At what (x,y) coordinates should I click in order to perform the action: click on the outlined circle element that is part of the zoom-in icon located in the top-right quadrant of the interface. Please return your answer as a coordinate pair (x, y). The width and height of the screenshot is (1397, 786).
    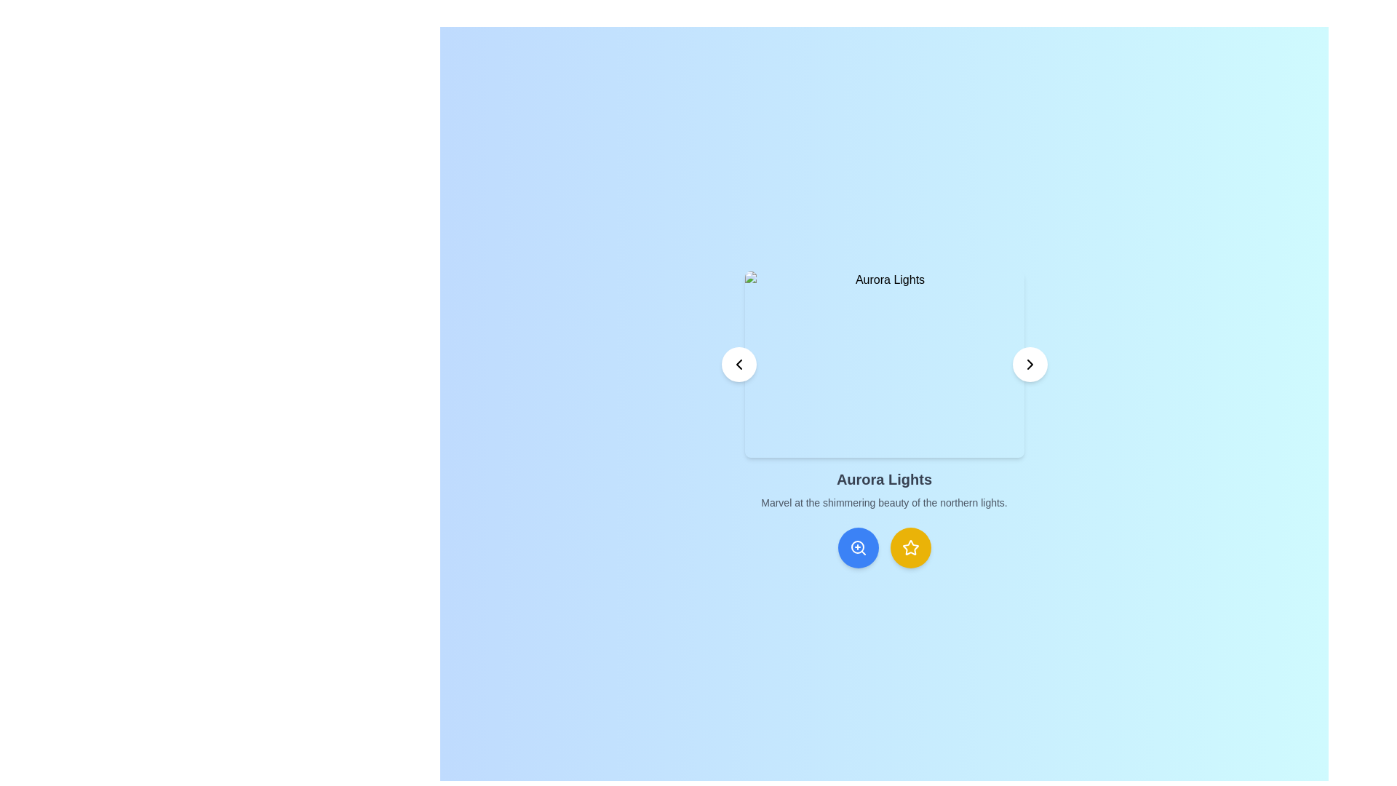
    Looking at the image, I should click on (857, 547).